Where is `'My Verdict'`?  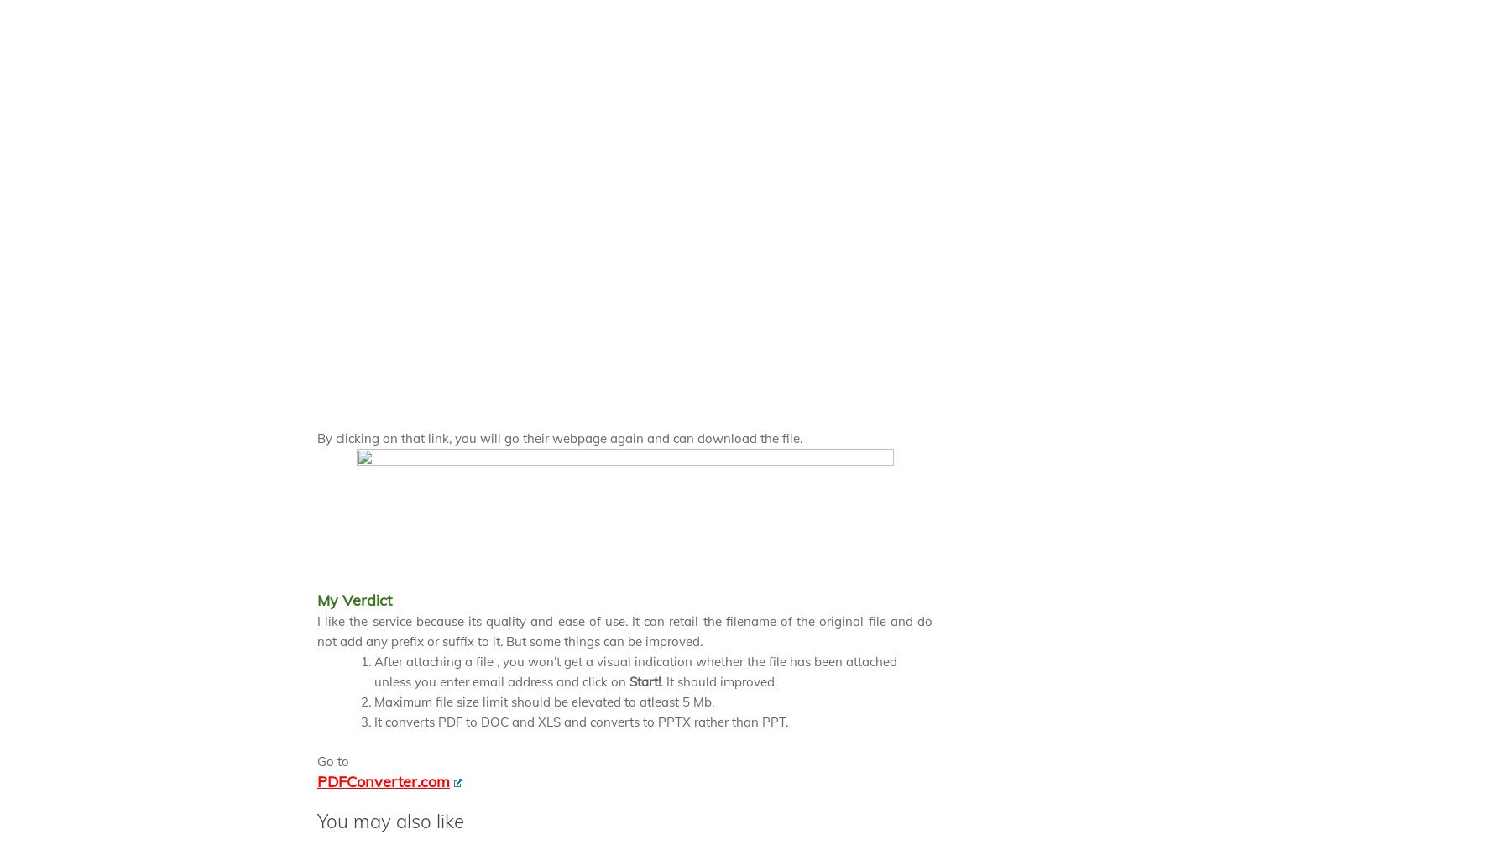 'My Verdict' is located at coordinates (353, 599).